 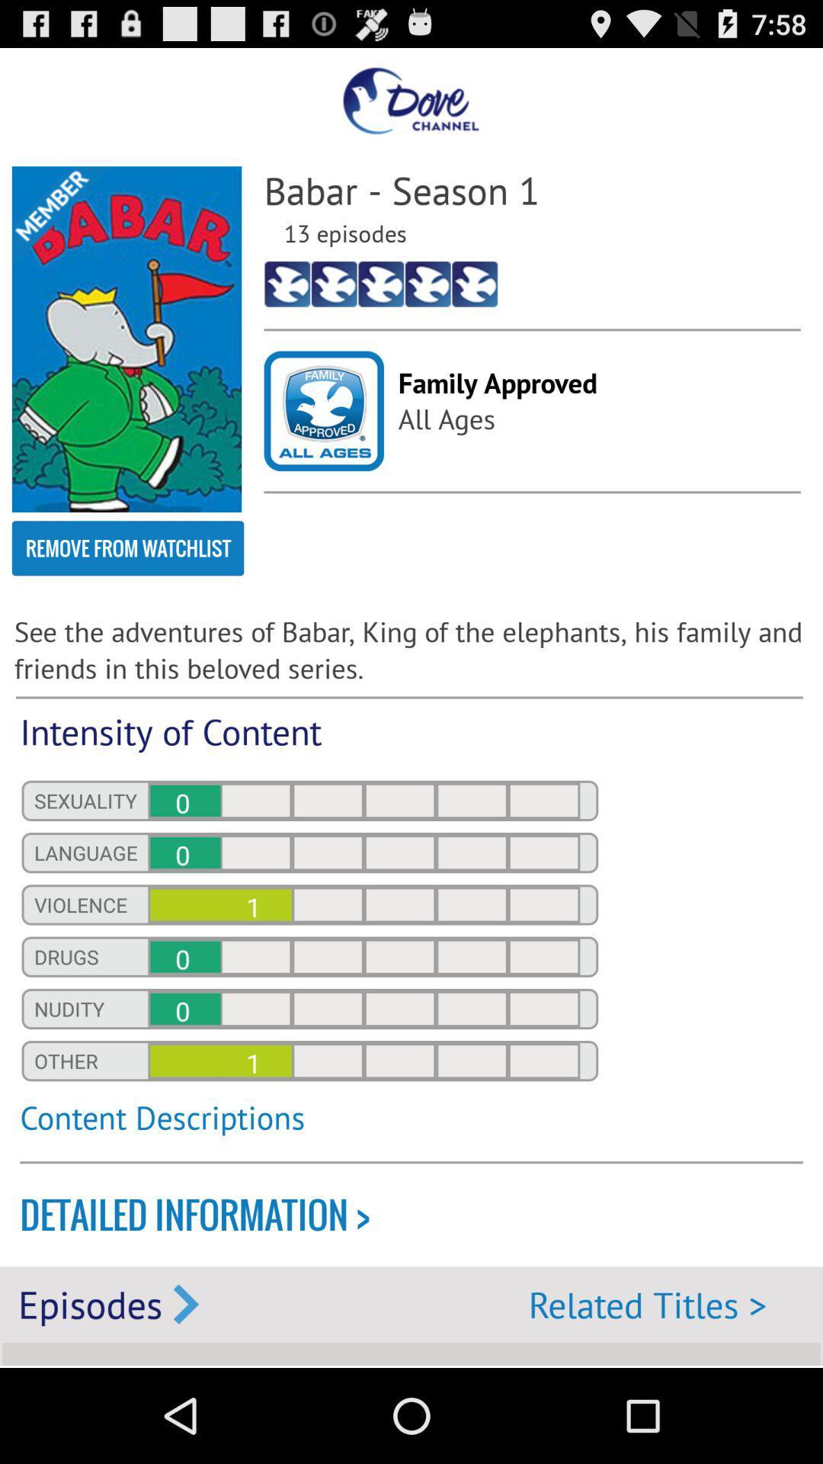 What do you see at coordinates (127, 548) in the screenshot?
I see `the remove from watchlist` at bounding box center [127, 548].